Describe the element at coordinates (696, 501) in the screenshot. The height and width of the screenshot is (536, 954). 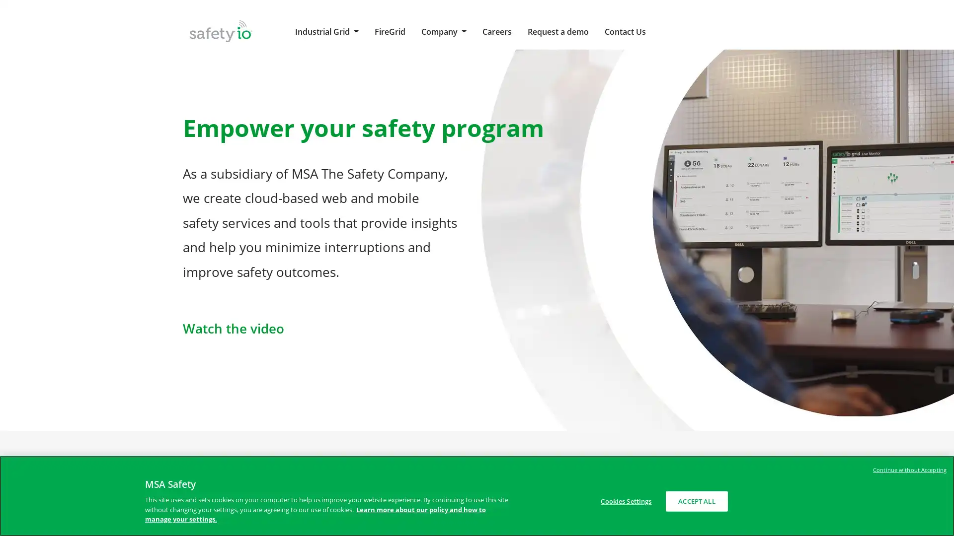
I see `ACCEPT ALL` at that location.